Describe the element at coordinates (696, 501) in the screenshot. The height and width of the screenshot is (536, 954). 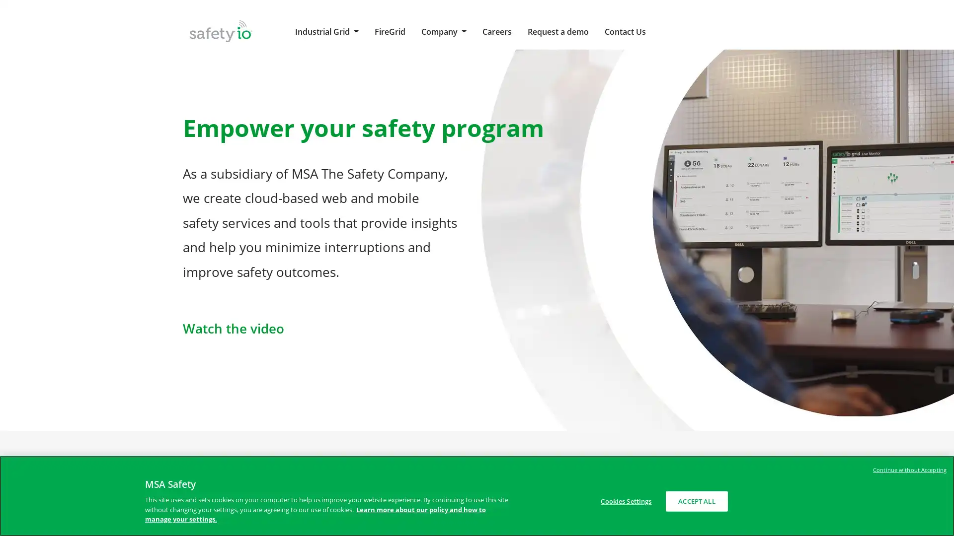
I see `ACCEPT ALL` at that location.